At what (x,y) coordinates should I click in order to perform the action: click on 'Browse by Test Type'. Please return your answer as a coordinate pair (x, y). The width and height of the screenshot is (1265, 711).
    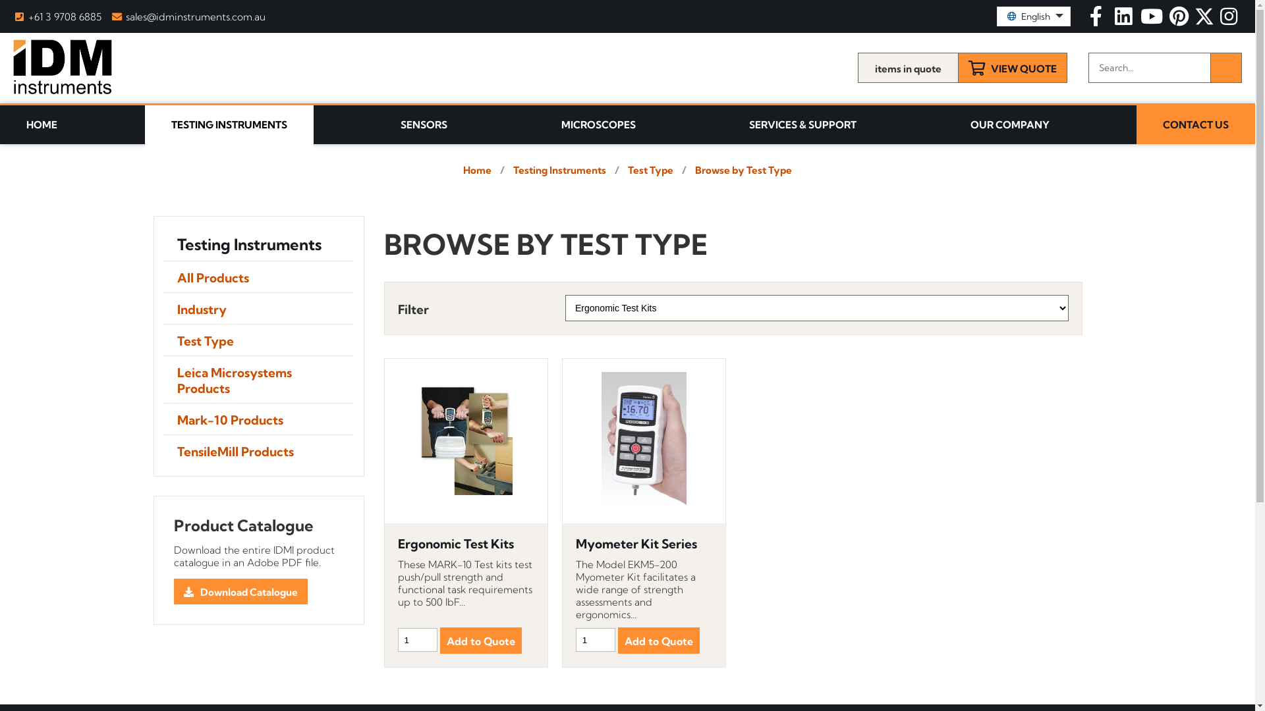
    Looking at the image, I should click on (743, 169).